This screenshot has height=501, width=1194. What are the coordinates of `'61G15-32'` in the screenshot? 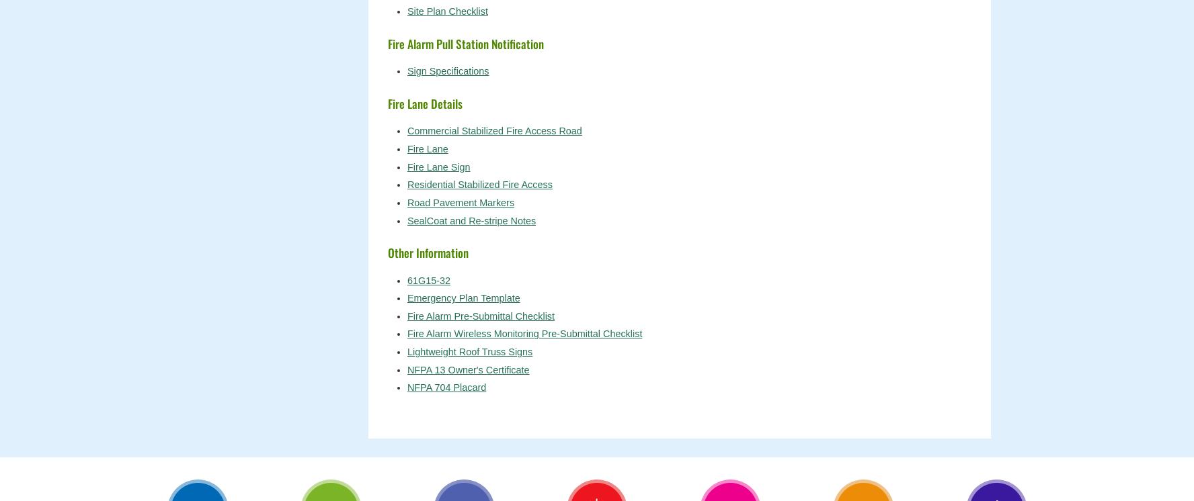 It's located at (428, 279).